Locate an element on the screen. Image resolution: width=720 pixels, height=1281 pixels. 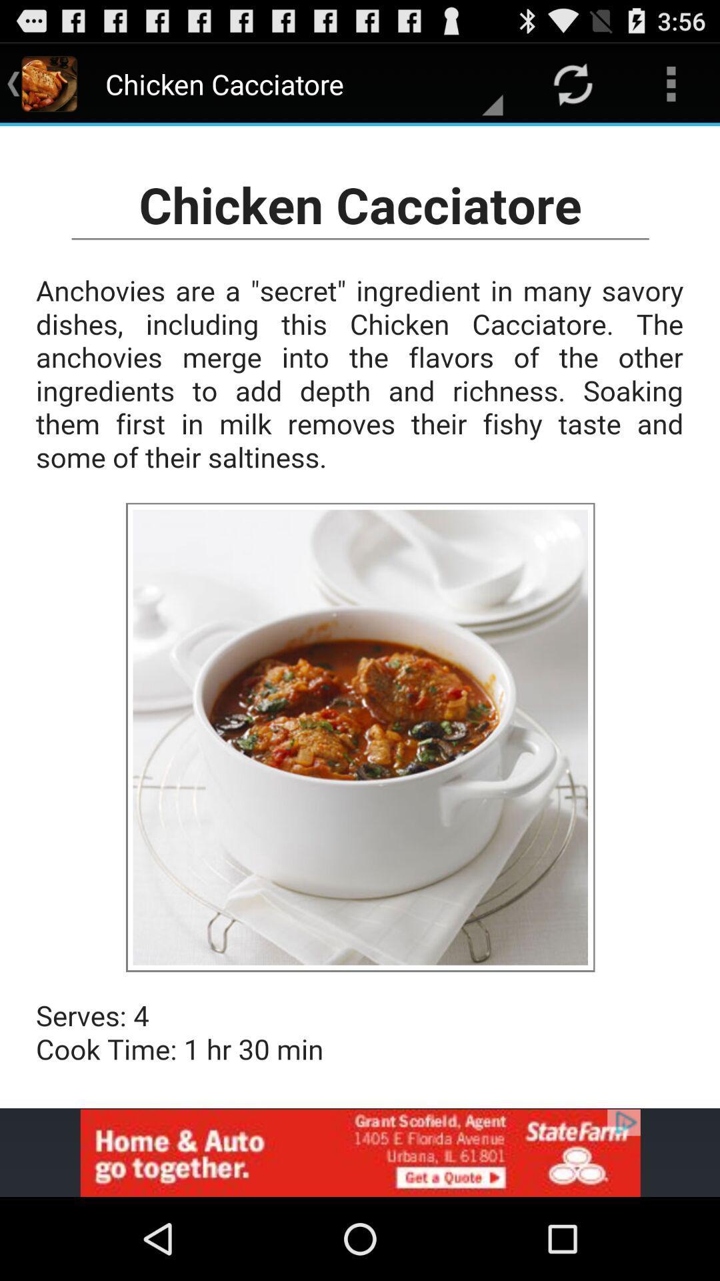
recipe is located at coordinates (360, 616).